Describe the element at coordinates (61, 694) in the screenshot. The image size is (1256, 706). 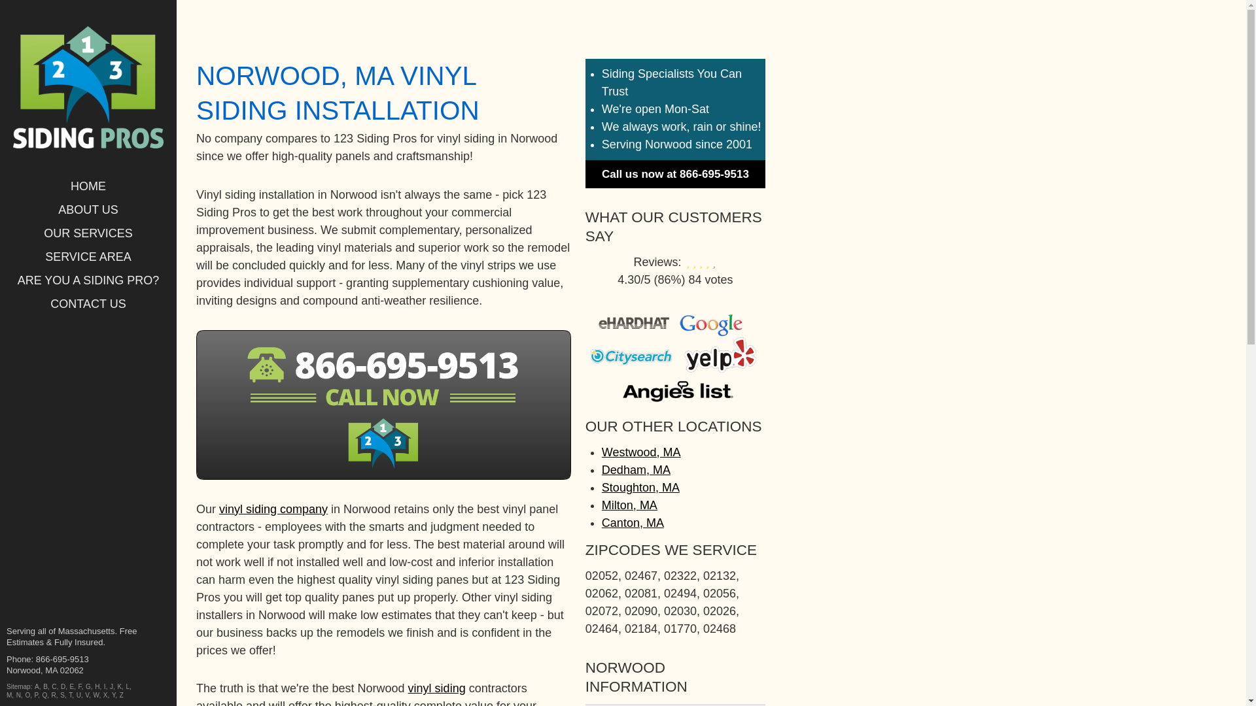
I see `'S'` at that location.